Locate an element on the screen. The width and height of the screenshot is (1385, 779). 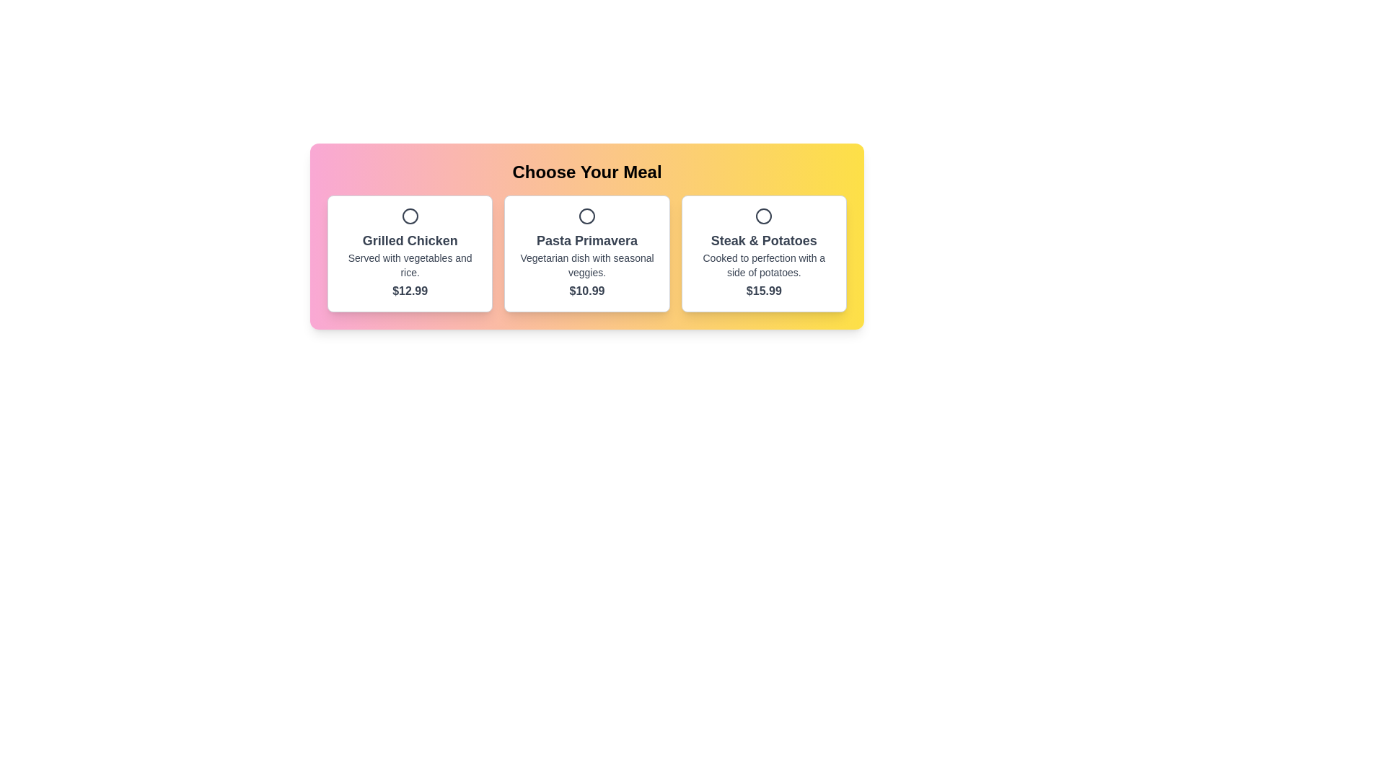
the text label displaying 'Vegetarian dish with seasonal veggies.' positioned below the title 'Pasta Primavera' and above the price '$10.99' in the middle menu card is located at coordinates (587, 265).